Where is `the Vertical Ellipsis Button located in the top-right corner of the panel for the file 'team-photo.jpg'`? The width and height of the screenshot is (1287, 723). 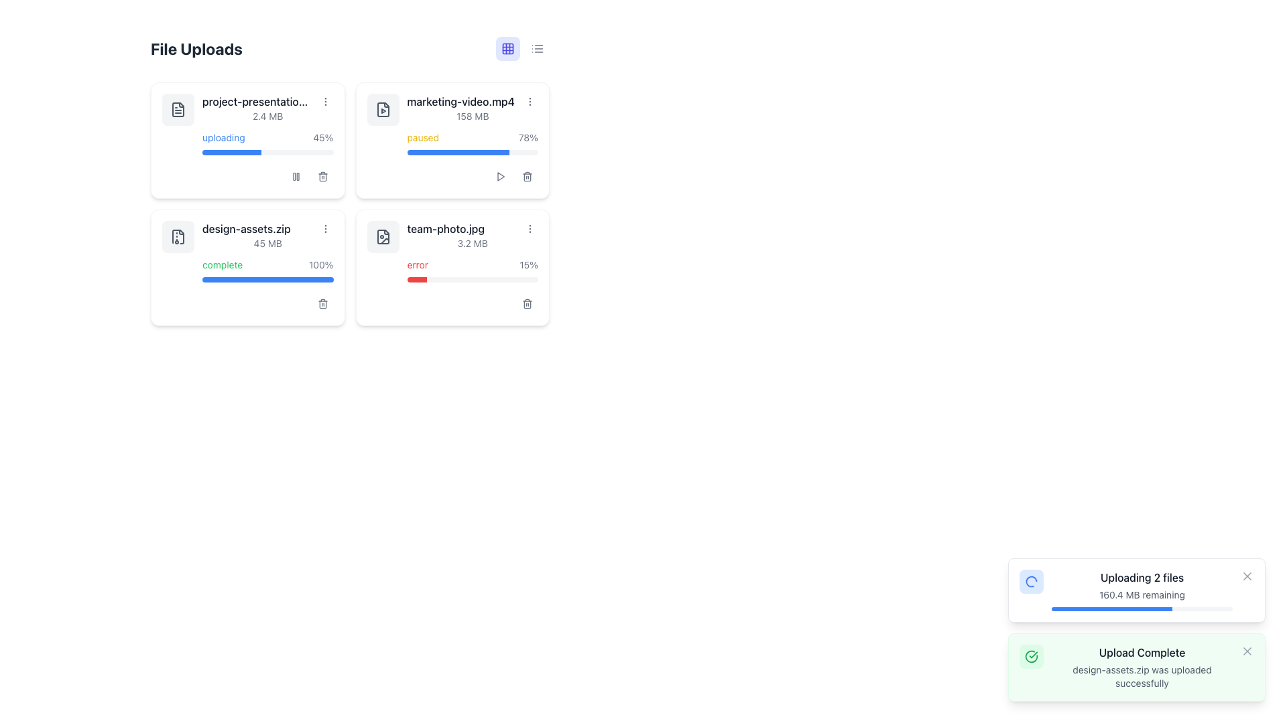
the Vertical Ellipsis Button located in the top-right corner of the panel for the file 'team-photo.jpg' is located at coordinates (530, 228).